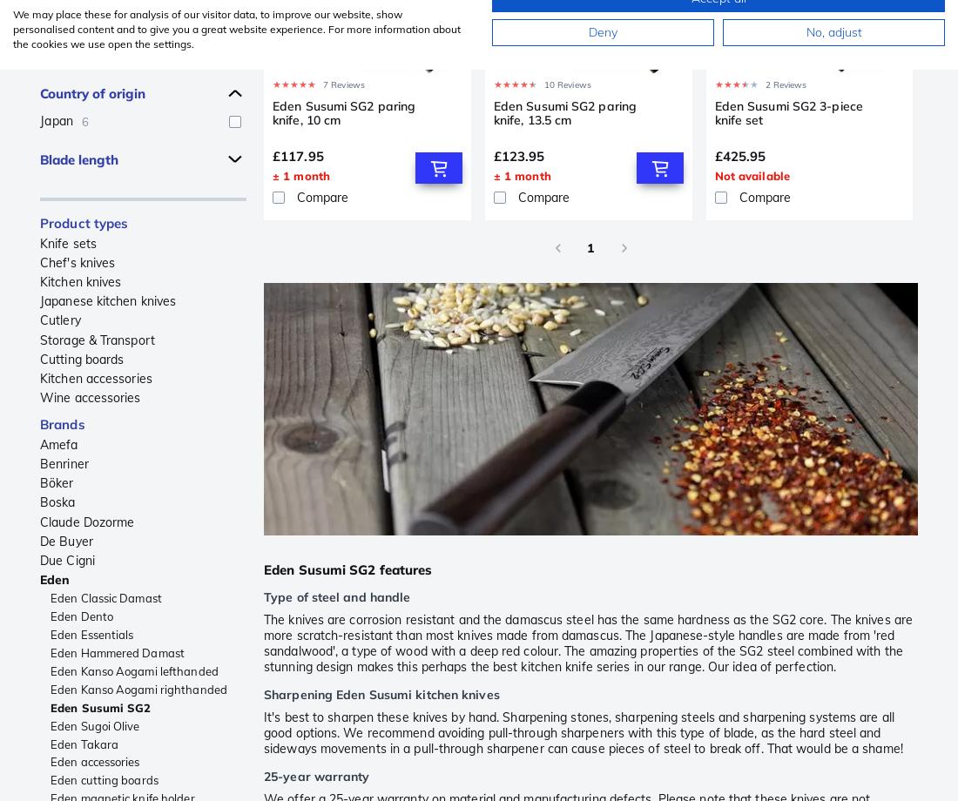  I want to click on '6', so click(85, 120).